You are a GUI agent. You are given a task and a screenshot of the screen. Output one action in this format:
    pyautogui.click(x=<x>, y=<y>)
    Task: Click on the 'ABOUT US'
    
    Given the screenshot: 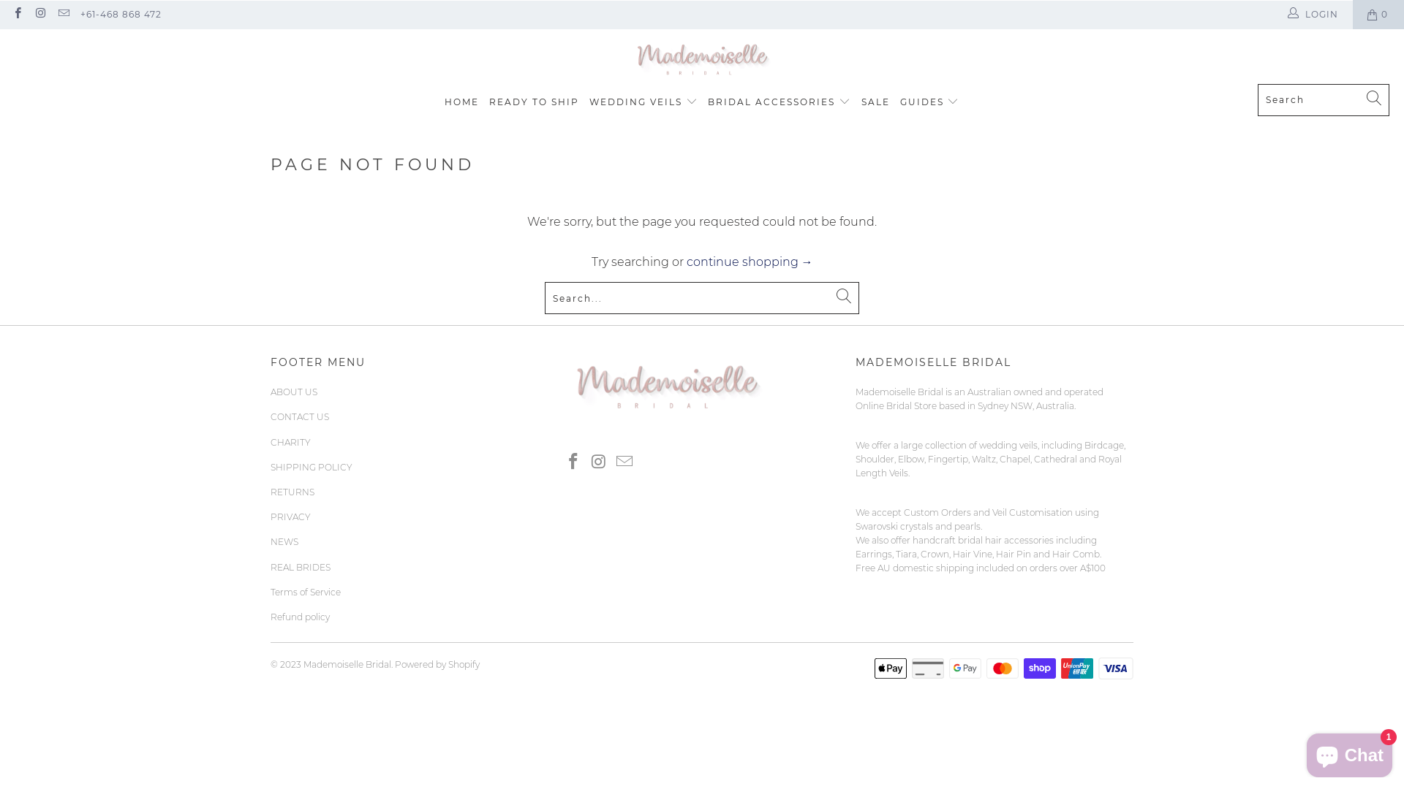 What is the action you would take?
    pyautogui.click(x=270, y=391)
    